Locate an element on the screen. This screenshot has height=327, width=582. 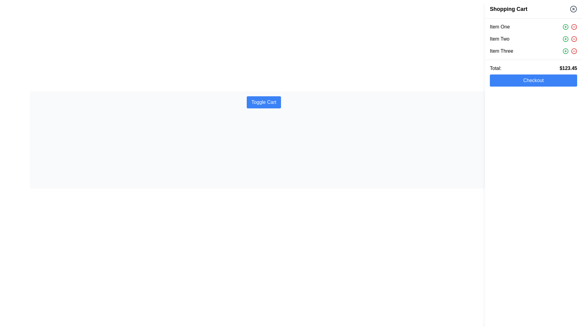
the text label displaying the name of the second item in the shopping cart, which is positioned between 'Item One' and 'Item Three' is located at coordinates (500, 39).